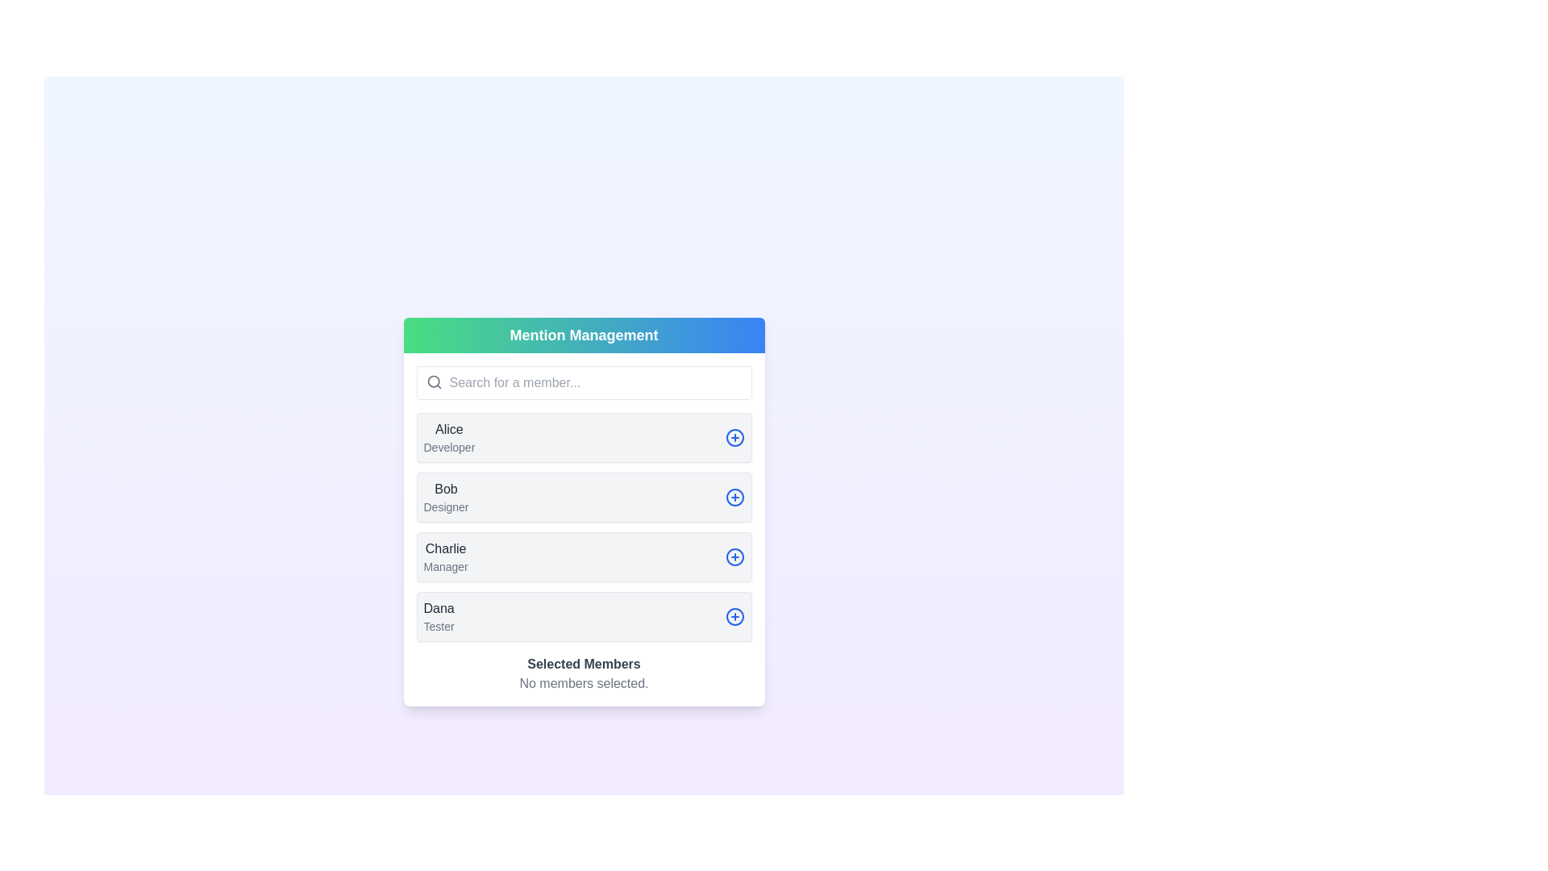 The image size is (1548, 871). Describe the element at coordinates (446, 556) in the screenshot. I see `the text labels displaying 'Charlie' and 'Manager' in the third position under the 'Mention Management' header` at that location.